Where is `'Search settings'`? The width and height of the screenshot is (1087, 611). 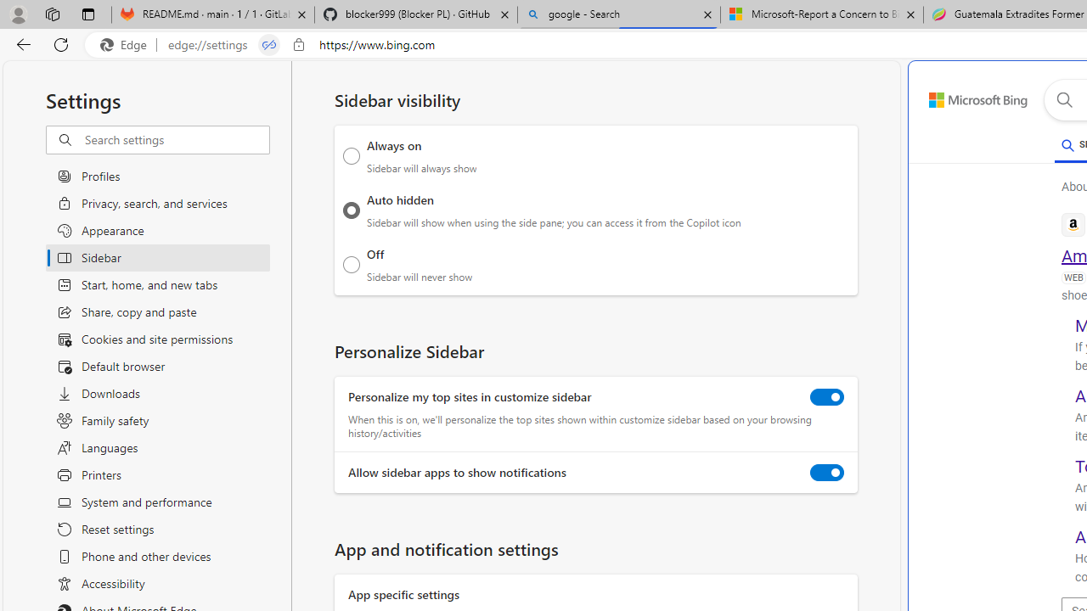
'Search settings' is located at coordinates (177, 139).